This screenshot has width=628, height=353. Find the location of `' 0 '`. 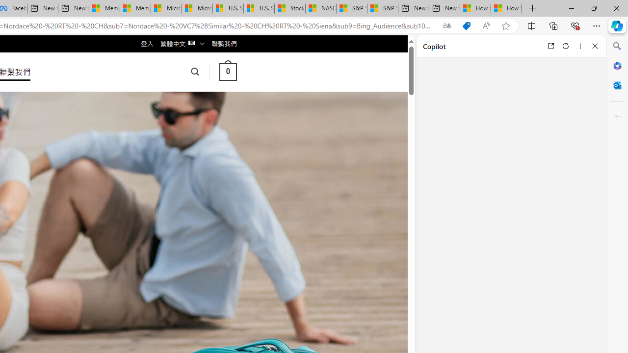

' 0 ' is located at coordinates (227, 71).